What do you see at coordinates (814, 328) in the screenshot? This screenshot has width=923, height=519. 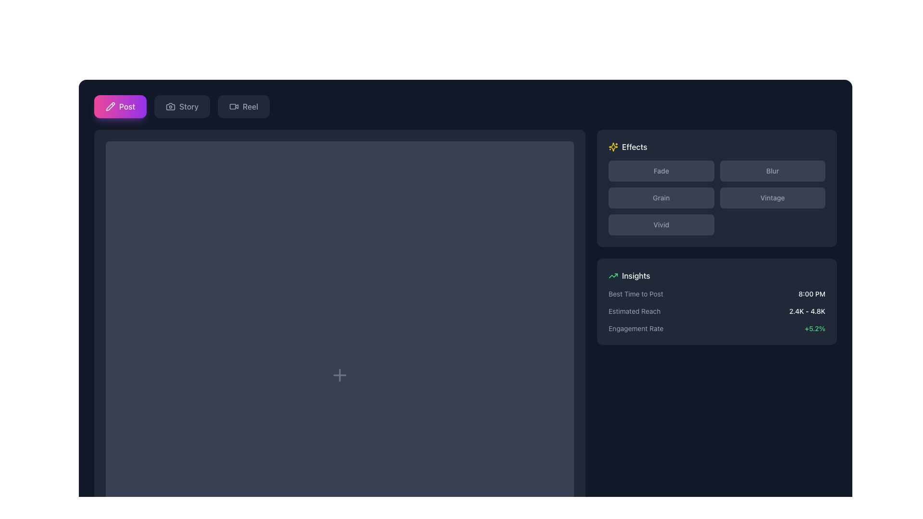 I see `the text label displaying '+5.2%' in green color, located on the right side of the 'Engagement Rate' label within the 'Insights' section` at bounding box center [814, 328].